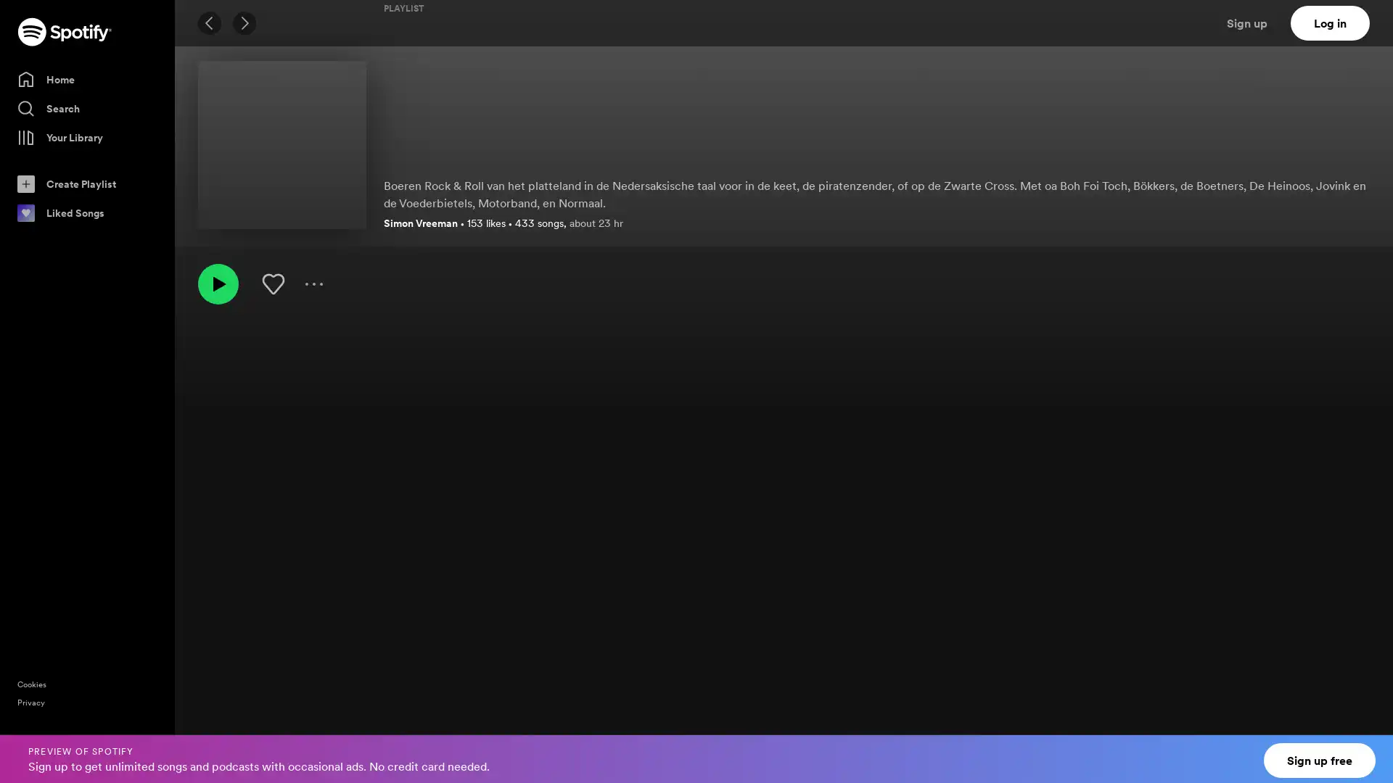 The image size is (1393, 783). I want to click on Play Olde Keerl by Bennie Jolink, so click(215, 623).